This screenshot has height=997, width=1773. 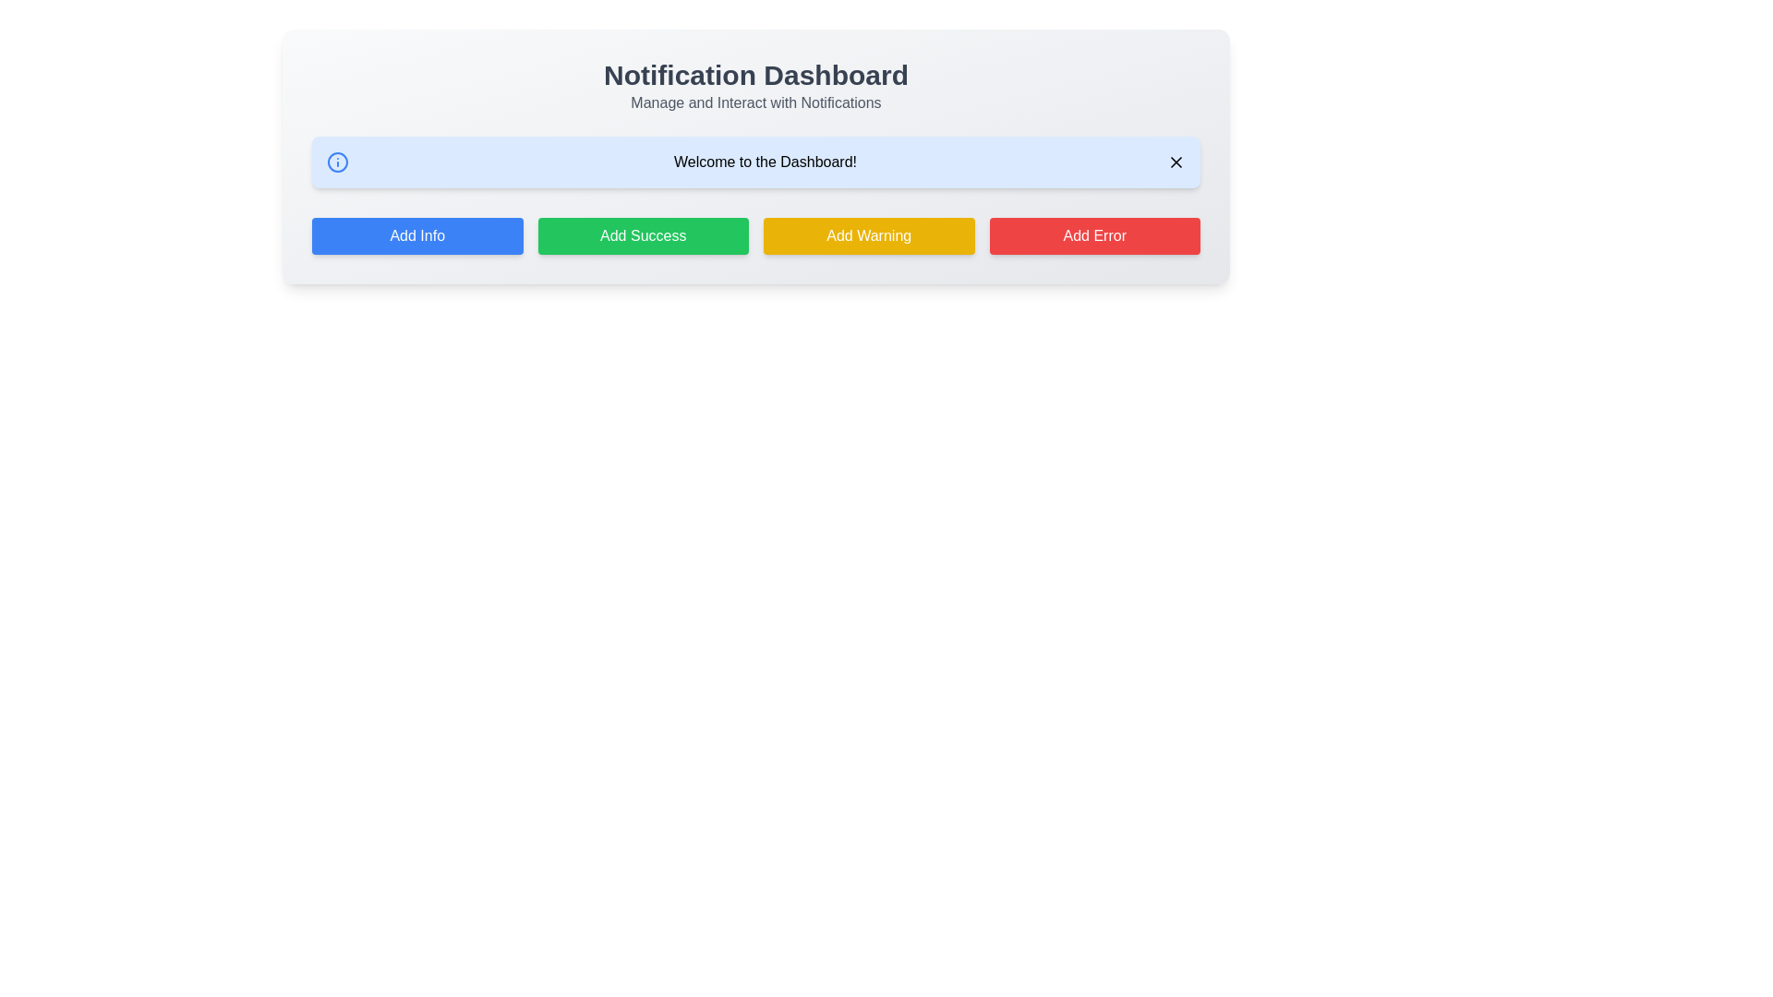 What do you see at coordinates (1175, 162) in the screenshot?
I see `the small black 'X' icon located at the far right of the notification bar labeled 'Welcome to the Dashboard!' to potentially see a visual effect` at bounding box center [1175, 162].